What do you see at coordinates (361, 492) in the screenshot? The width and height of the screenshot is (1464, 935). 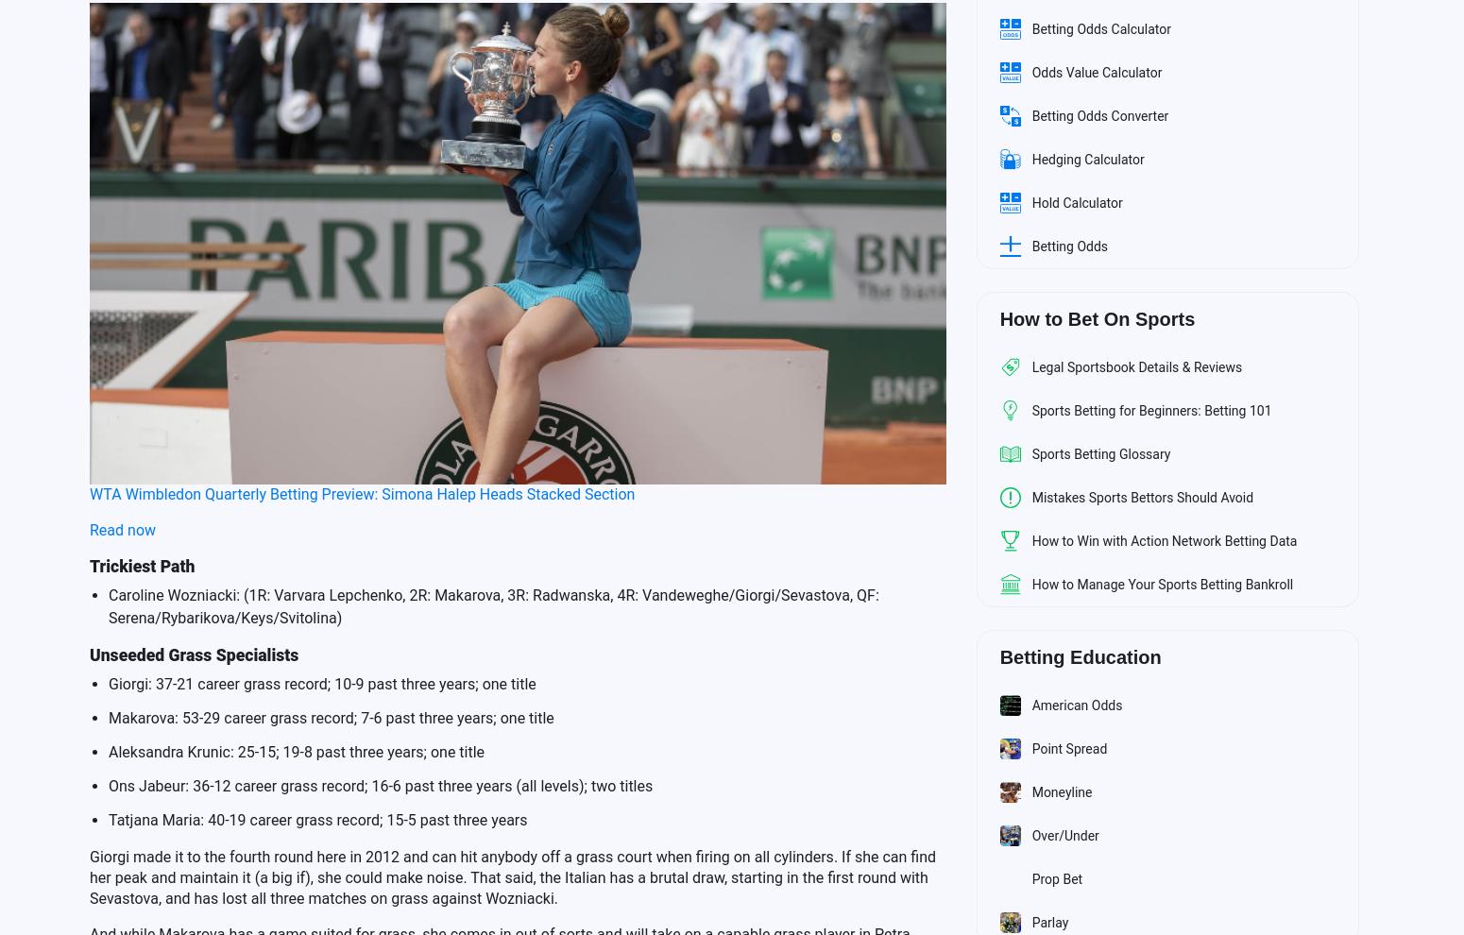 I see `'WTA Wimbledon Quarterly Betting Preview: Simona Halep Heads Stacked Section'` at bounding box center [361, 492].